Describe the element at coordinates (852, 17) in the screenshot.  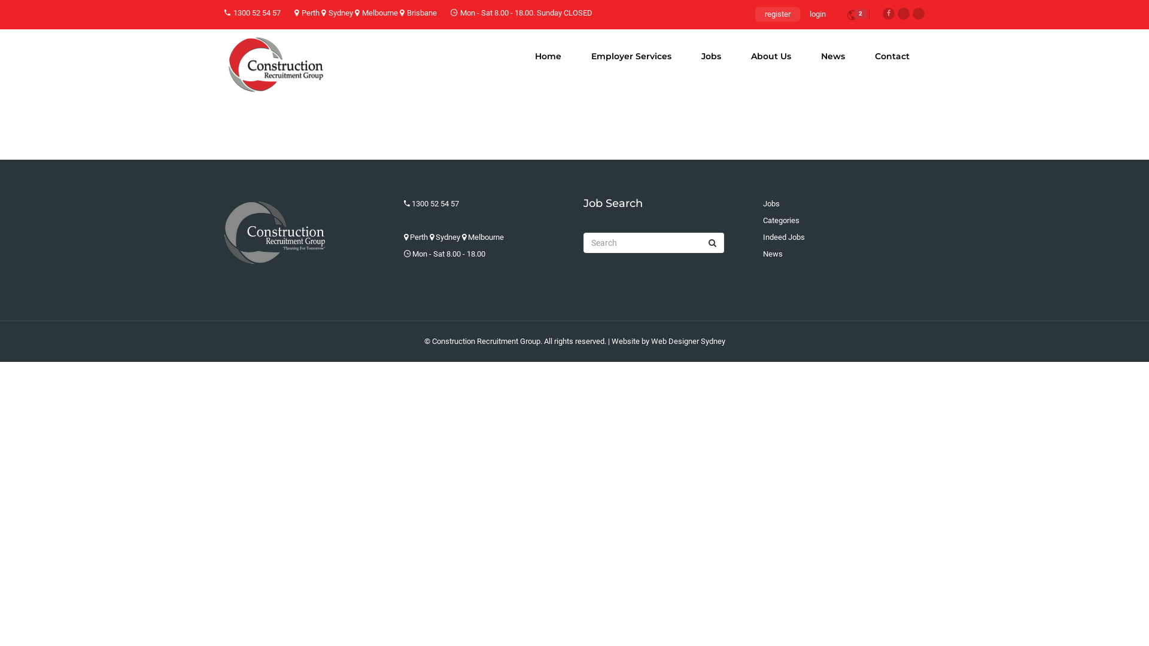
I see `'2'` at that location.